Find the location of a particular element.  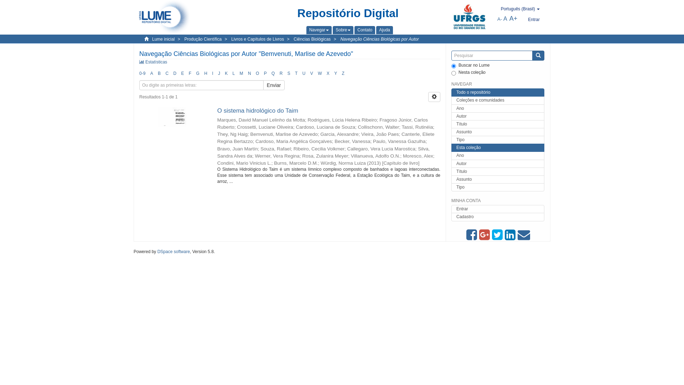

'Ajuda' is located at coordinates (384, 30).